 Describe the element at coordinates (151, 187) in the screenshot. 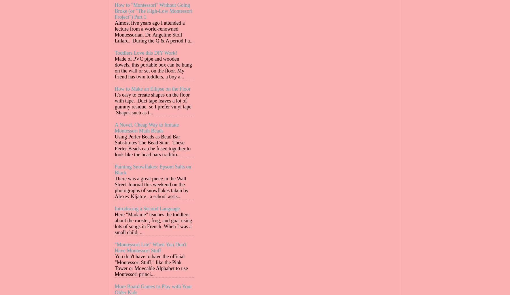

I see `'There was a great piece in the Wall Street Journal this weekend on the photographs of snowflakes taken by Alexey Kljatov , a school assis...'` at that location.